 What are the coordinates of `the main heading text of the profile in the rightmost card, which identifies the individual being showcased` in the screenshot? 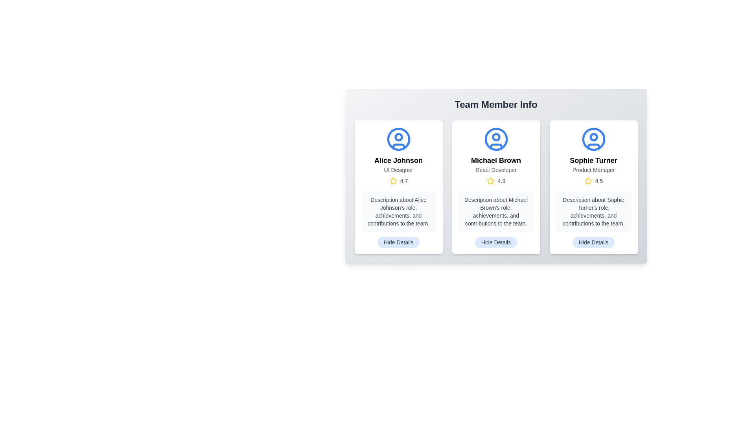 It's located at (593, 160).